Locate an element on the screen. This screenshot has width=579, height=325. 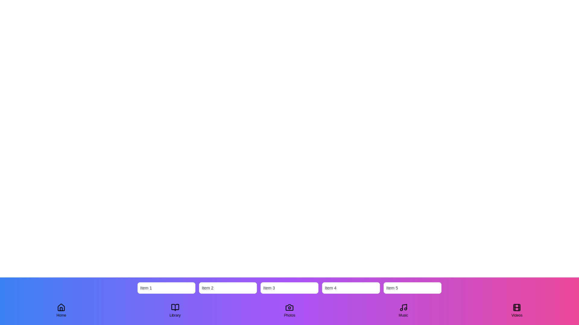
the navigation tab labeled Photos to observe visual feedback is located at coordinates (289, 311).